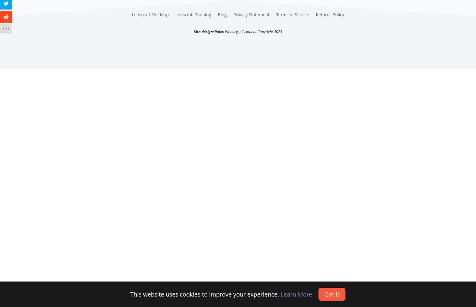 Image resolution: width=476 pixels, height=307 pixels. I want to click on 'Blog', so click(222, 14).